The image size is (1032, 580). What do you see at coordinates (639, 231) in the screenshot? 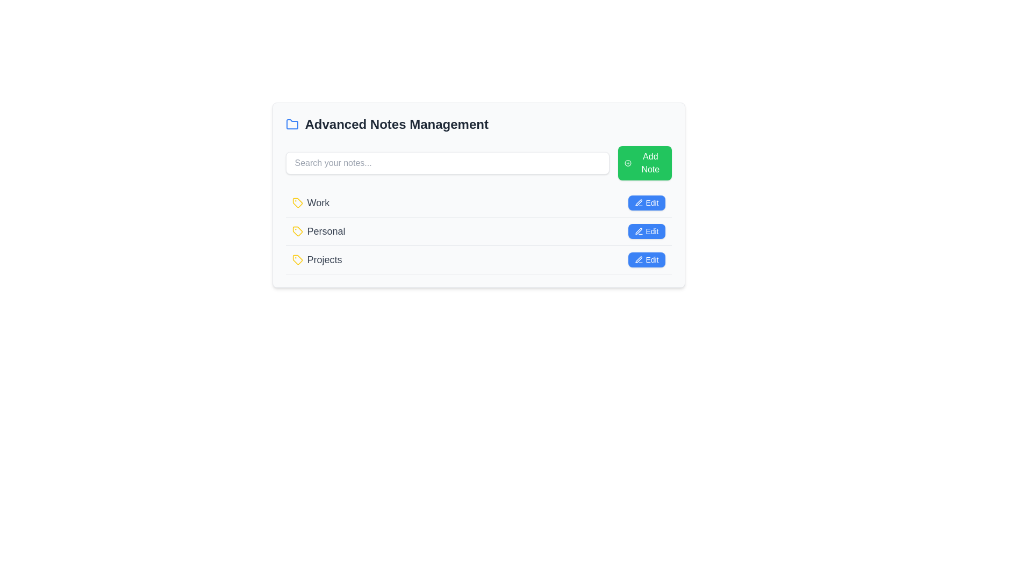
I see `the 'Edit' icon located to the immediate left of the 'Edit' button for the 'Personal' entry, which is the second entry in the list of notes` at bounding box center [639, 231].